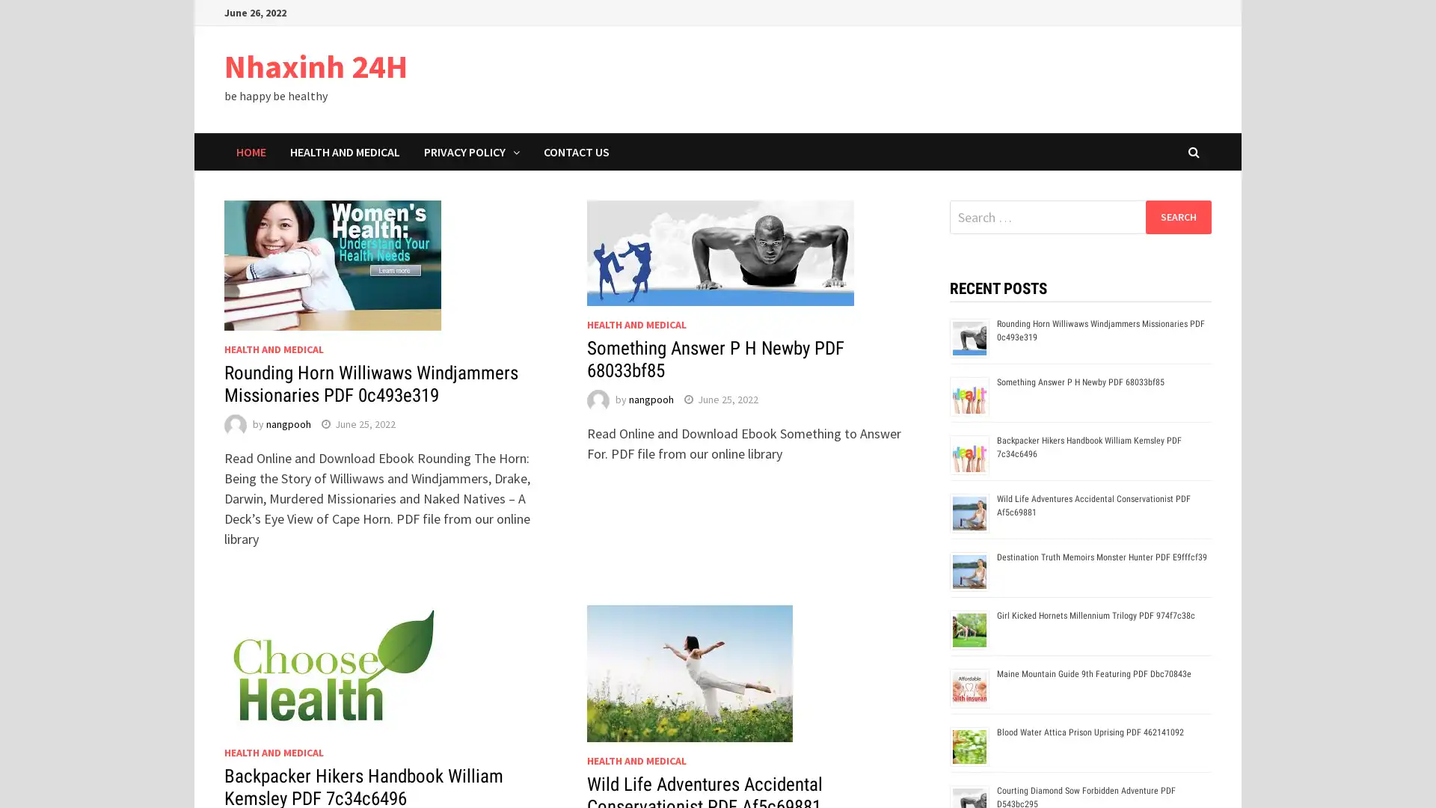  I want to click on Search, so click(1177, 216).